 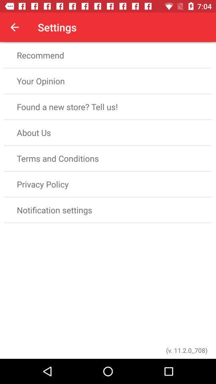 I want to click on your opinion, so click(x=108, y=81).